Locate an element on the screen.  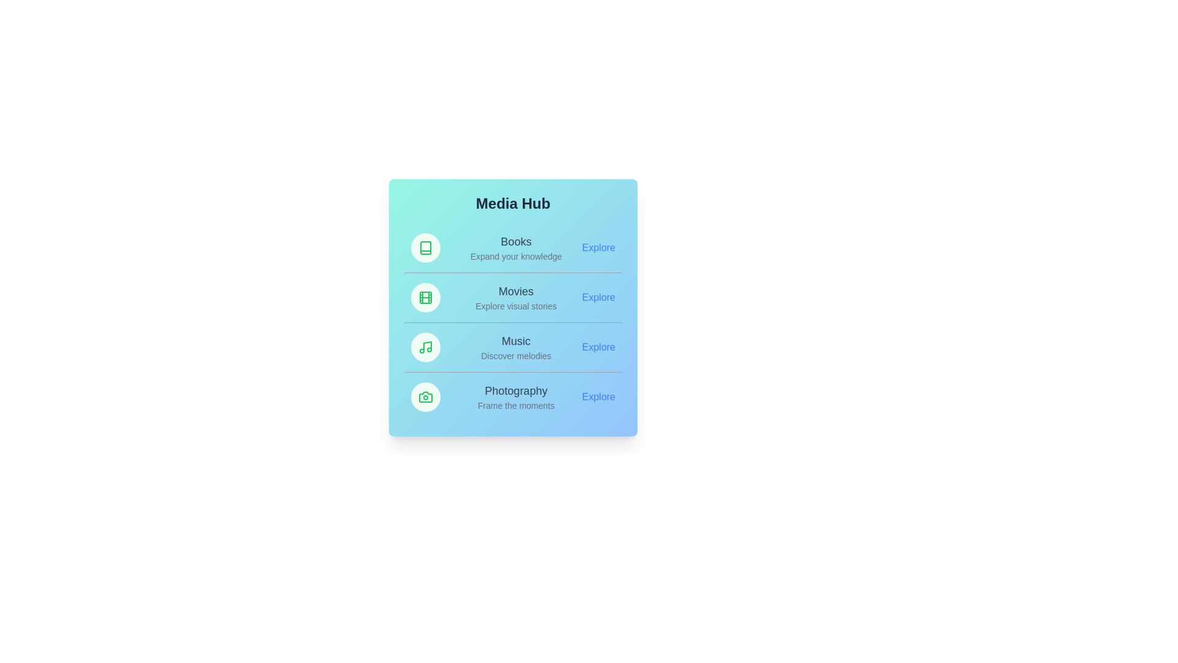
the 'Explore' link for the Photography category is located at coordinates (598, 397).